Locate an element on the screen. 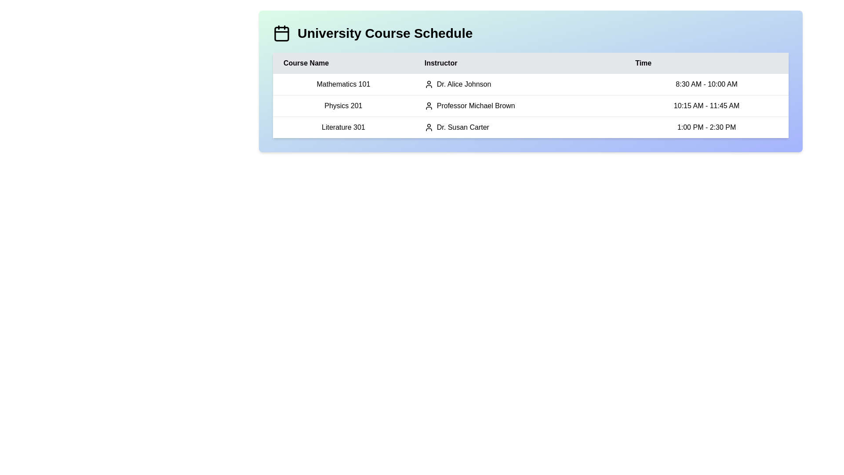  contents of the second row in the University Course Schedule table, which includes the course name 'Physics 201', instructor 'Professor Michael Brown', and time '10:15 AM - 11:45 AM' is located at coordinates (530, 105).